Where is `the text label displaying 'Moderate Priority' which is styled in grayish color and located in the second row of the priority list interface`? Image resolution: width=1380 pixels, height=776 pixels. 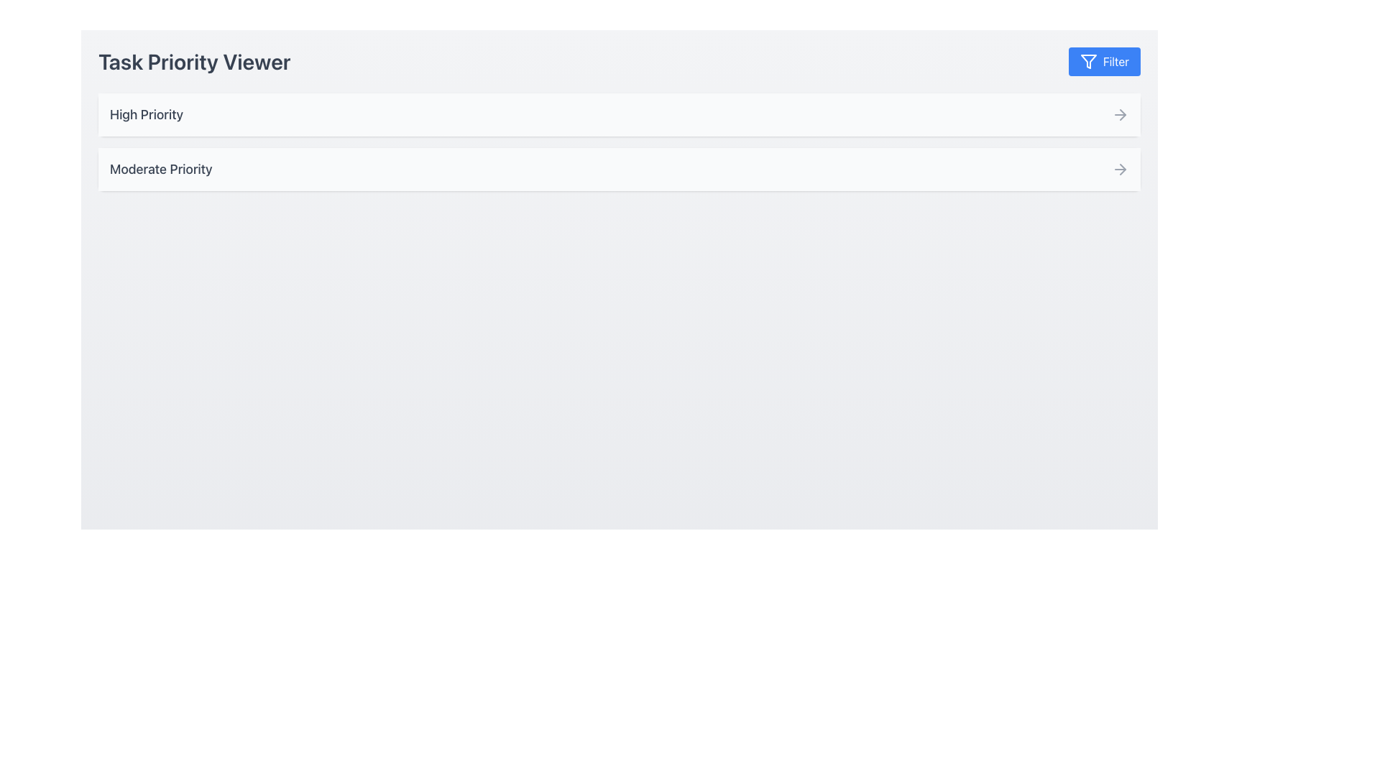 the text label displaying 'Moderate Priority' which is styled in grayish color and located in the second row of the priority list interface is located at coordinates (161, 168).